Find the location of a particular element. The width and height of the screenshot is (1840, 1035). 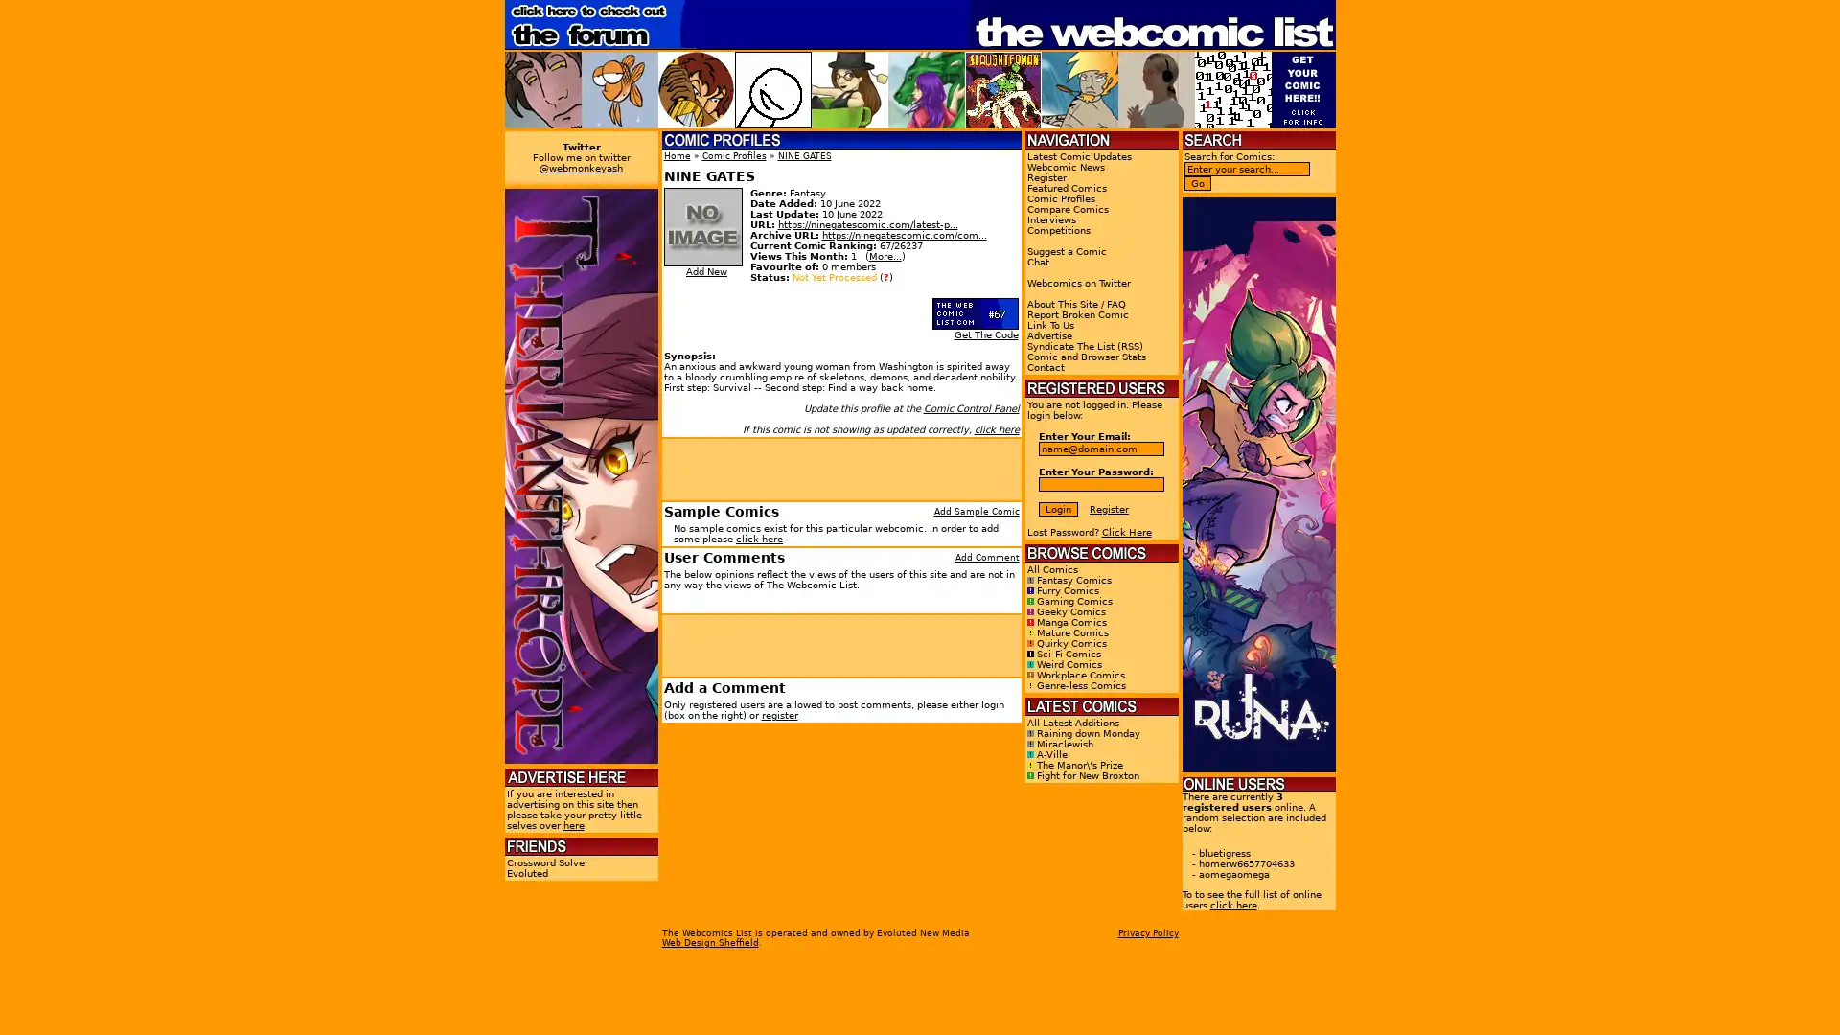

Login is located at coordinates (1057, 508).